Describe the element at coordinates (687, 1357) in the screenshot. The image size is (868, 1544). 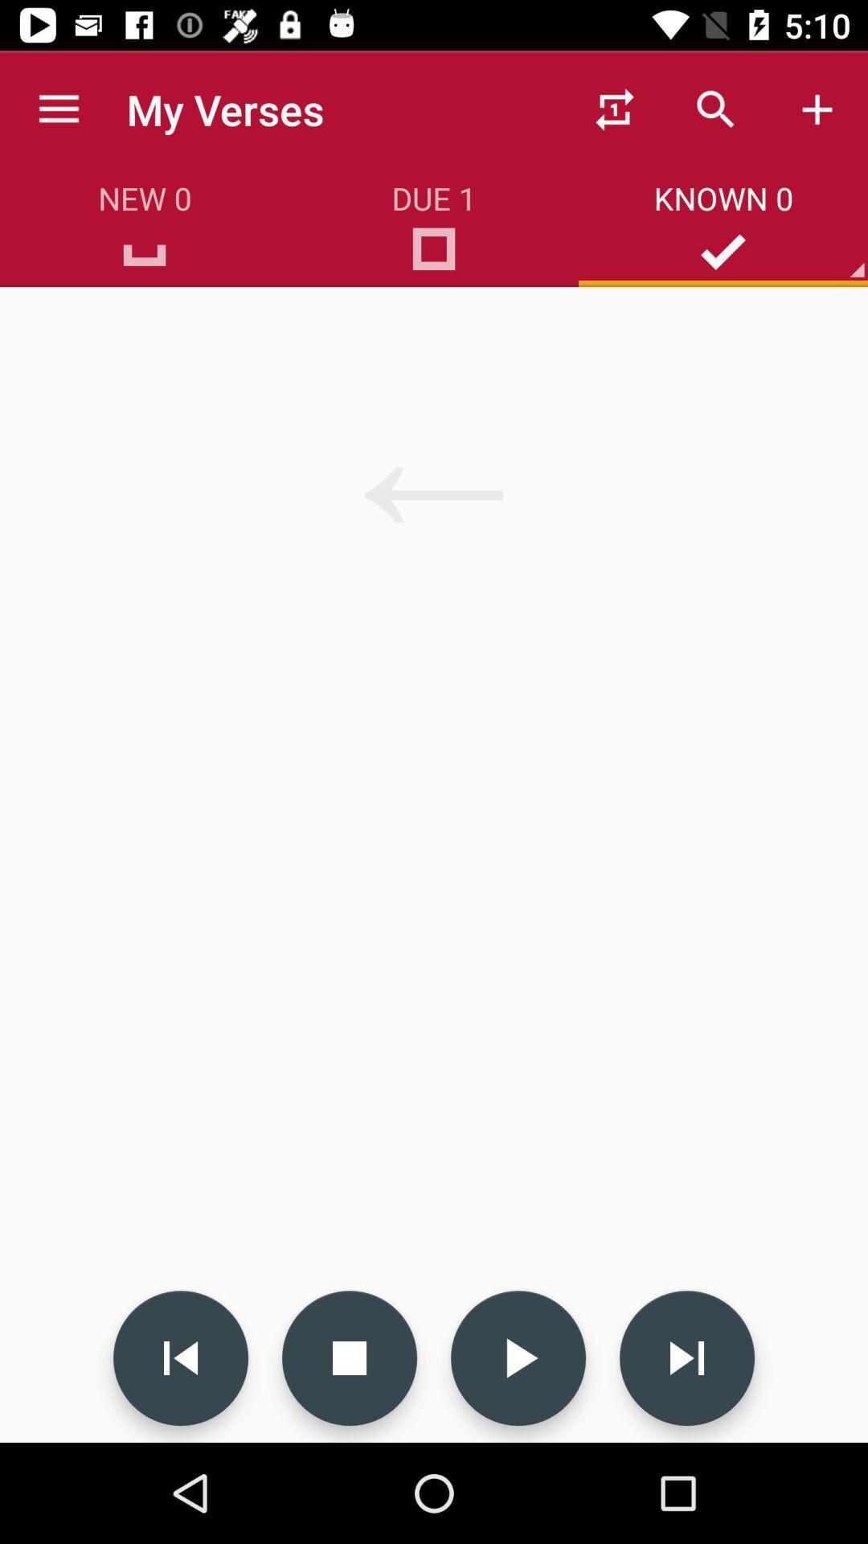
I see `the next button` at that location.